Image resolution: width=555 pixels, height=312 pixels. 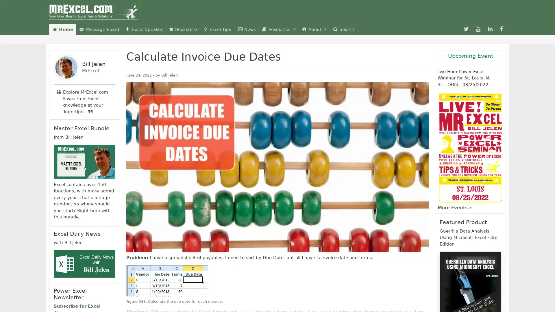 I want to click on Resources, so click(x=278, y=29).